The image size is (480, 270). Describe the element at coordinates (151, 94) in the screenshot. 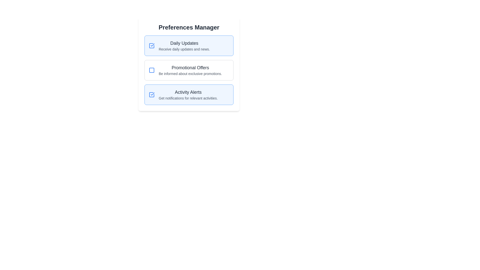

I see `the blue checkbox with a checkmark positioned to the left of the text 'Activity AlertsGet notifications for relevant activities.'` at that location.